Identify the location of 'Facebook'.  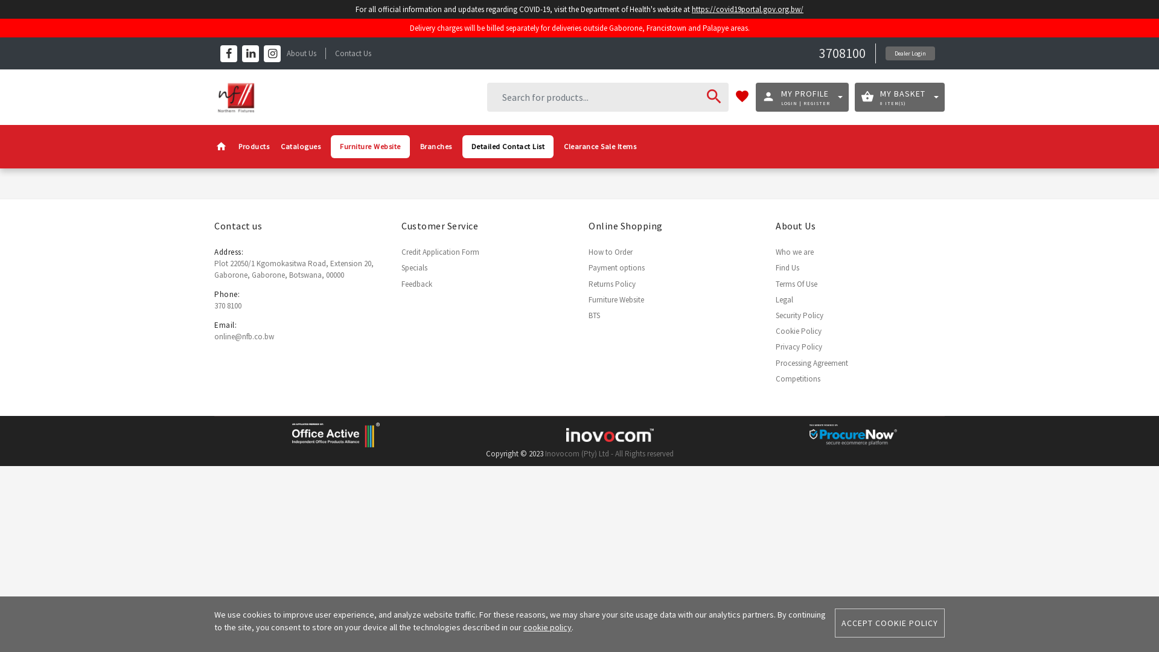
(229, 53).